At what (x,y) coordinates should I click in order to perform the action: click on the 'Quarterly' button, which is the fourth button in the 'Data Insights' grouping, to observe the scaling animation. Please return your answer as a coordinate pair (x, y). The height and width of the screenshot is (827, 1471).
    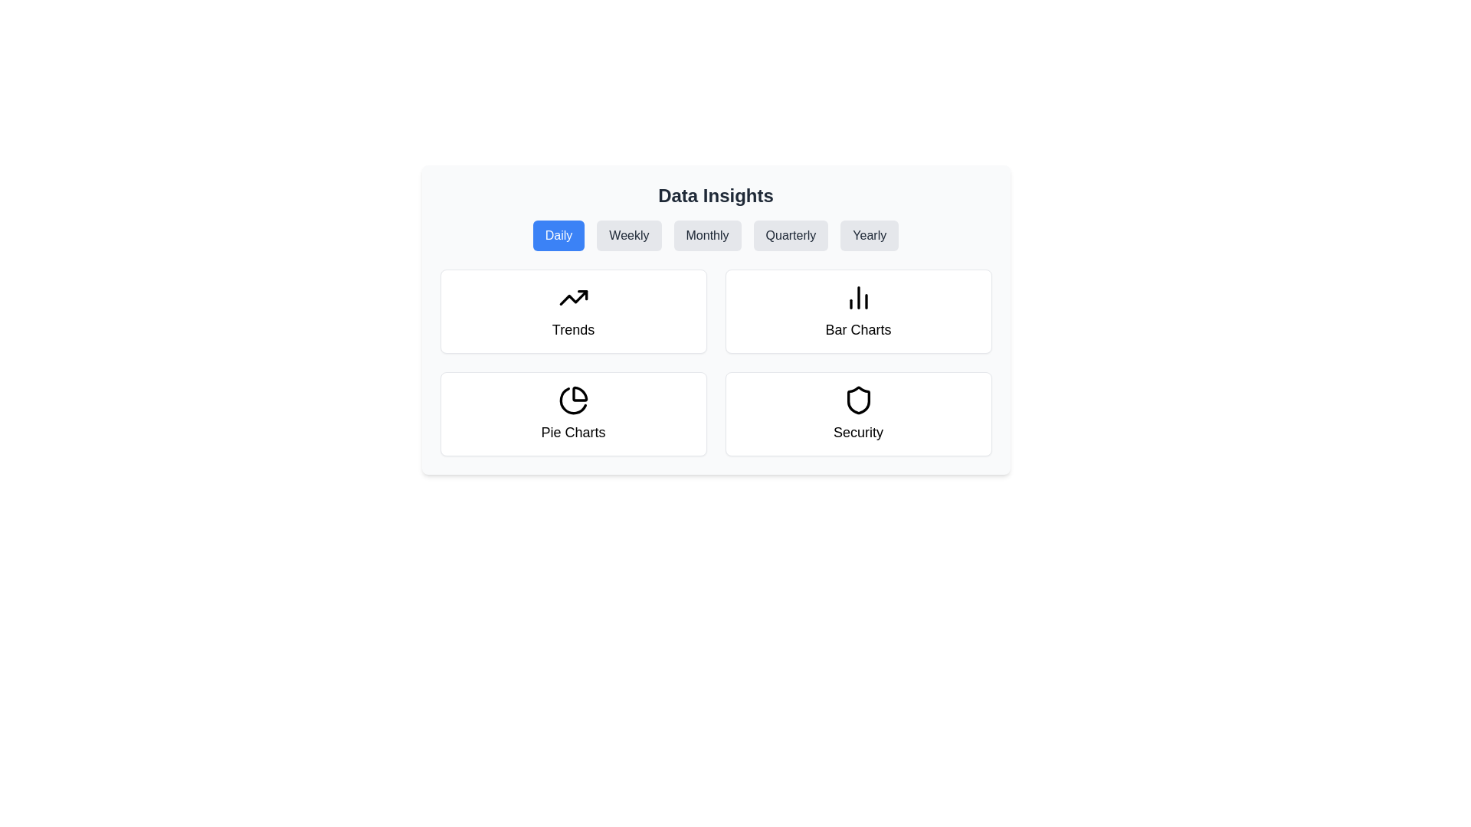
    Looking at the image, I should click on (791, 236).